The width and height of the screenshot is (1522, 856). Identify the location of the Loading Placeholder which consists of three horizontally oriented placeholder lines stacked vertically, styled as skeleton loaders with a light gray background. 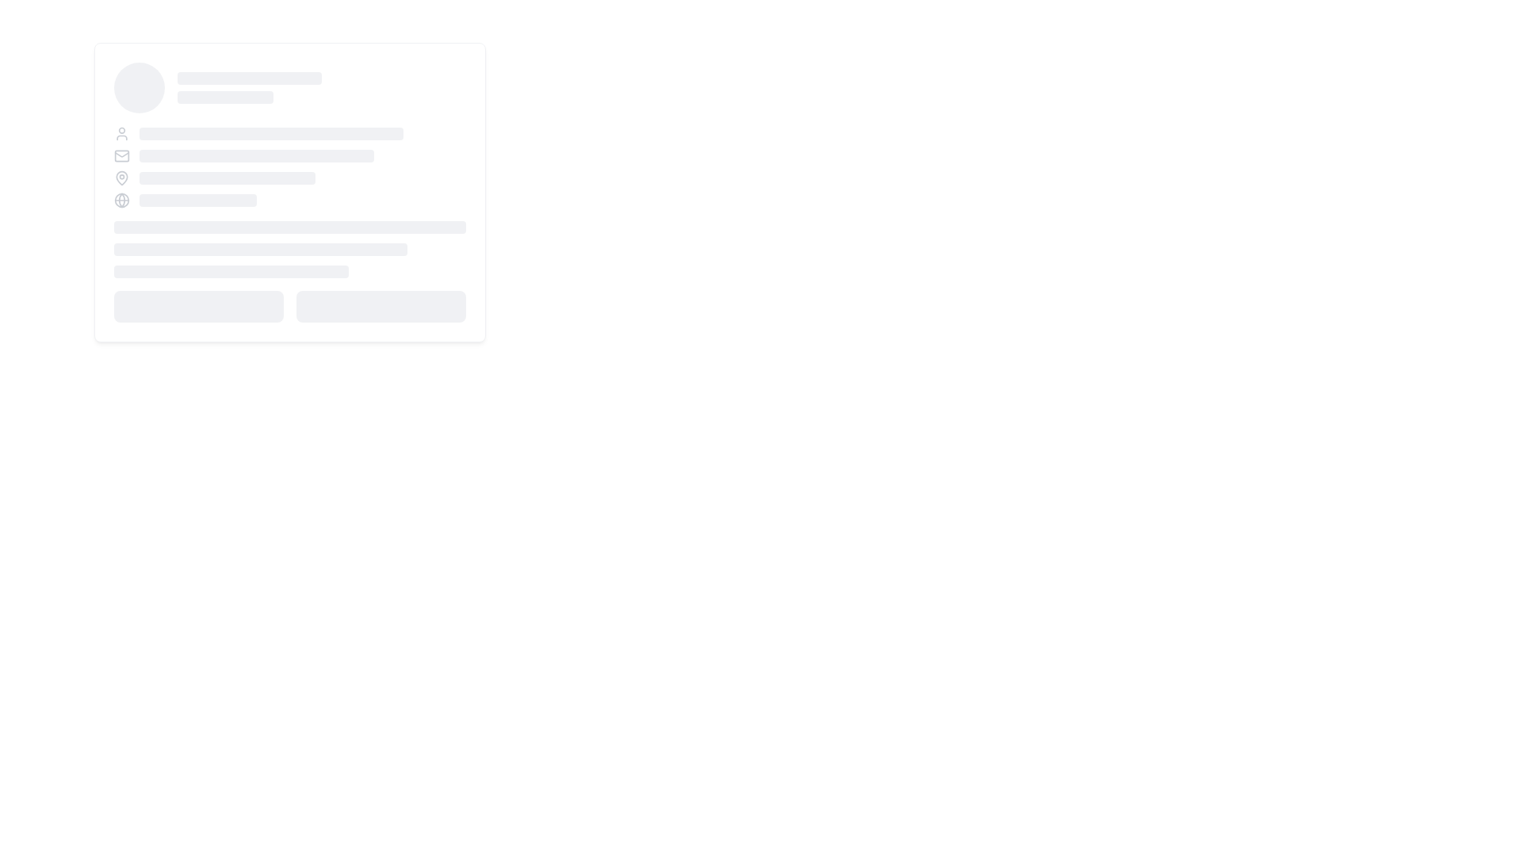
(289, 250).